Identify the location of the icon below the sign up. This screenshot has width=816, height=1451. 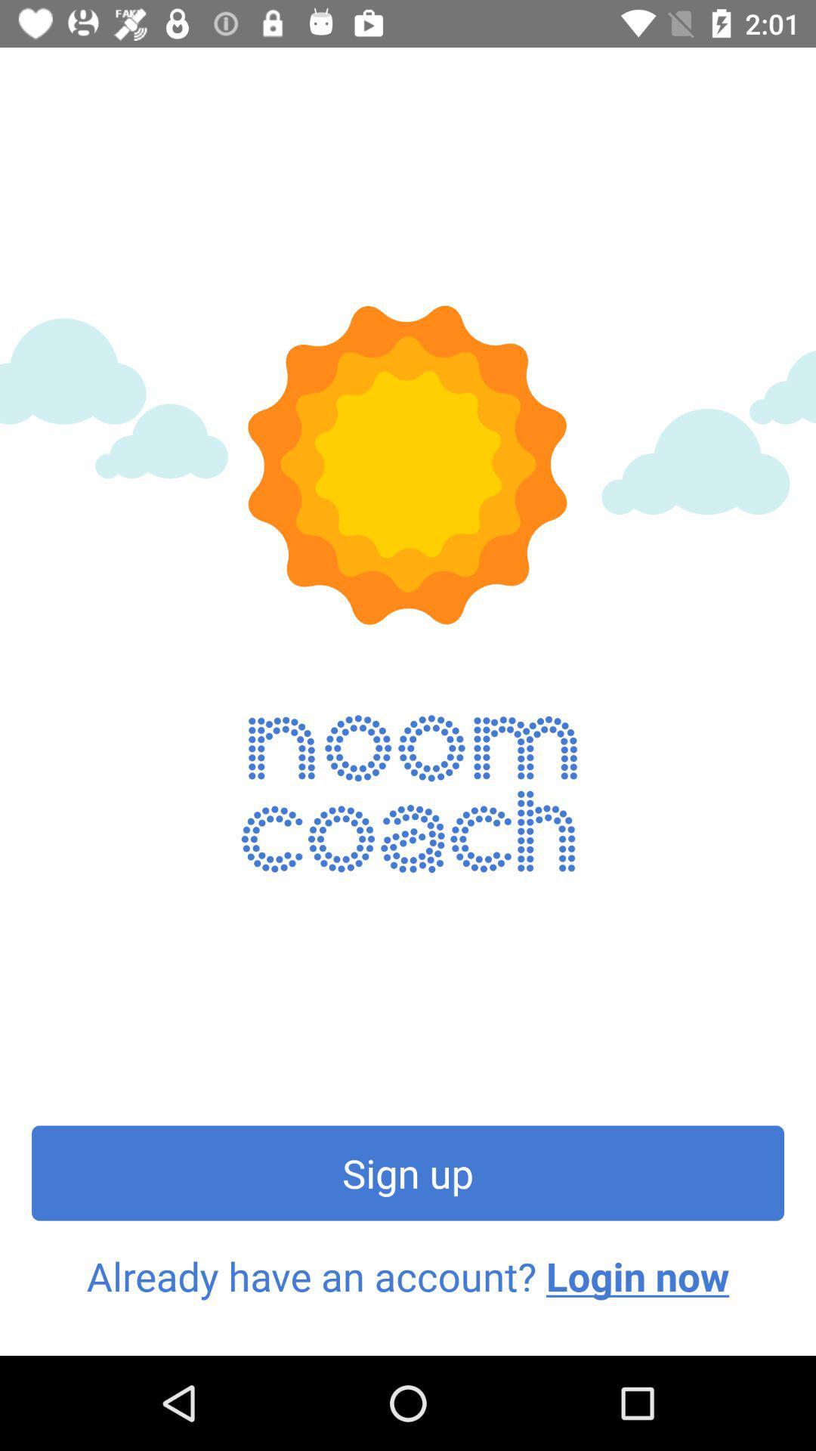
(408, 1276).